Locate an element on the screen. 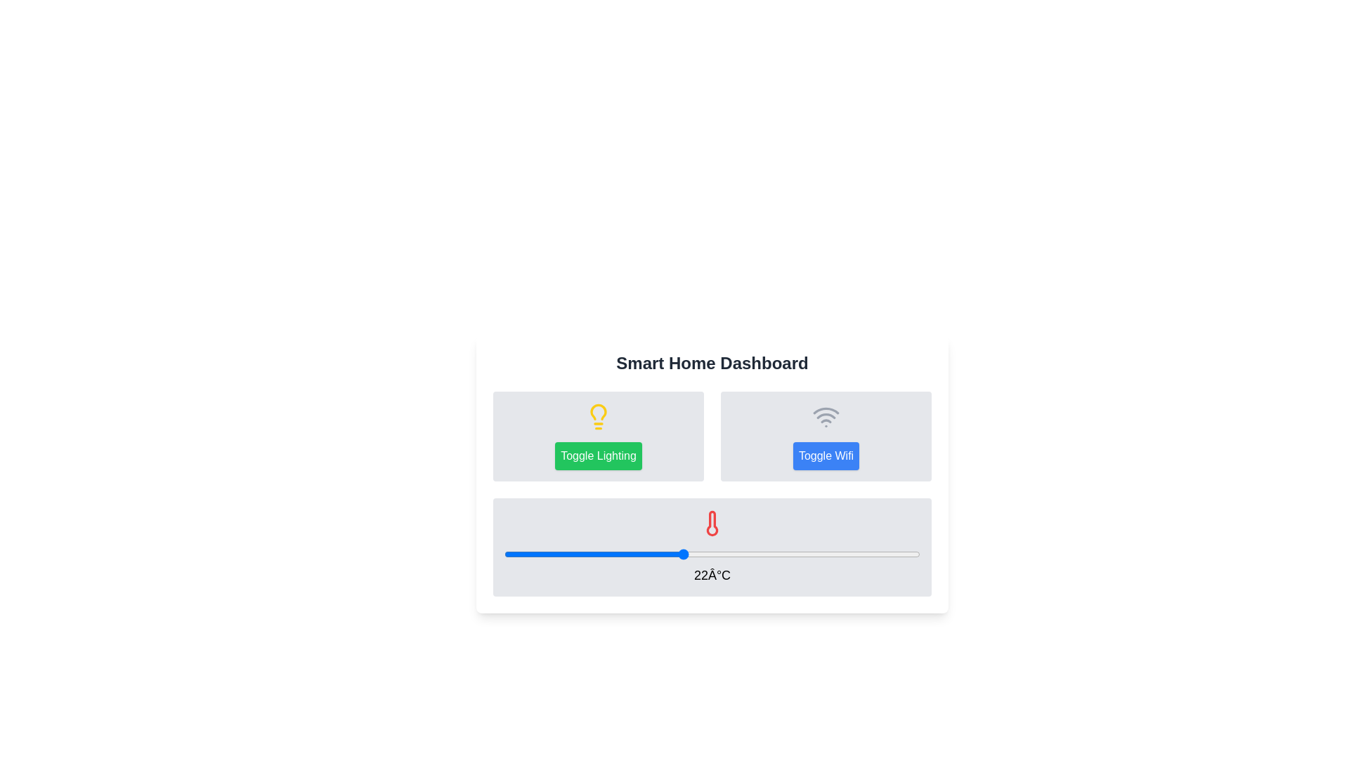  the temperature is located at coordinates (593, 554).